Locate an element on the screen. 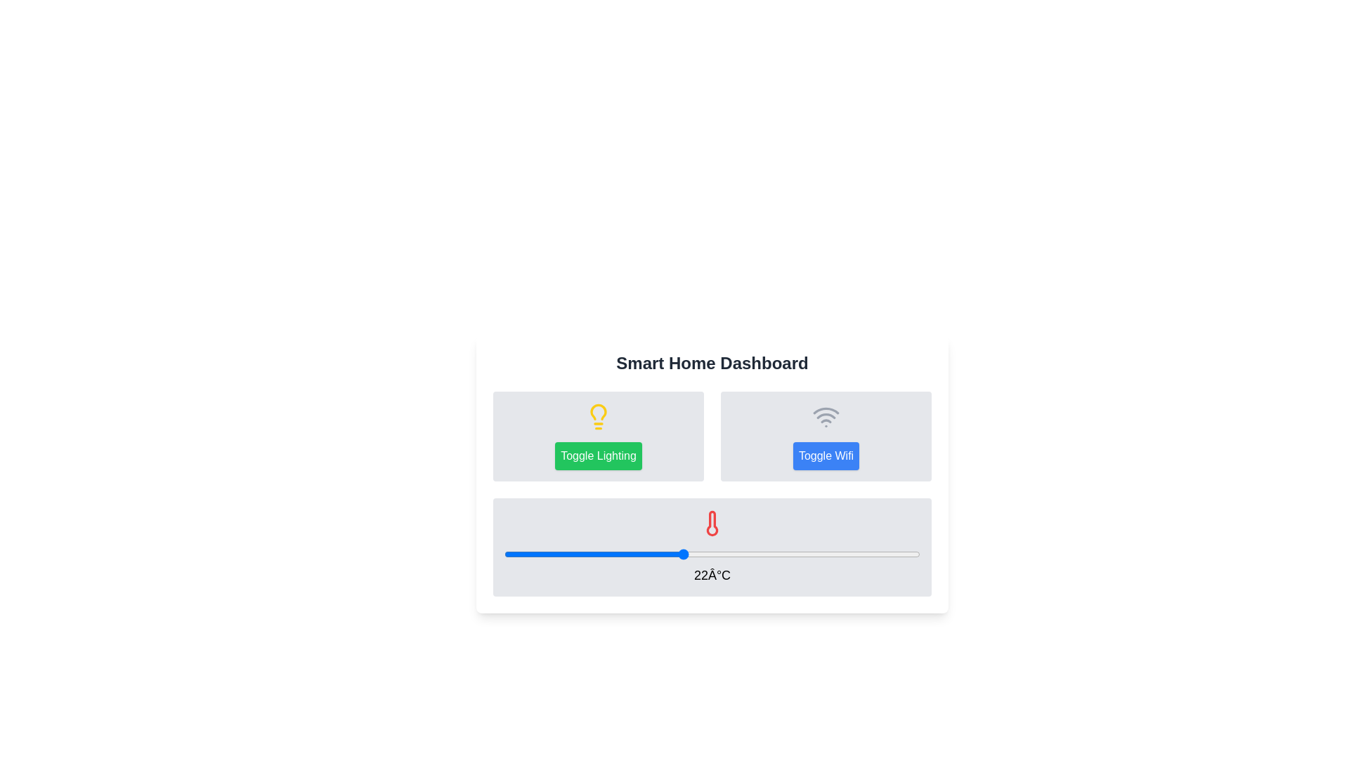  the temperature is located at coordinates (593, 554).